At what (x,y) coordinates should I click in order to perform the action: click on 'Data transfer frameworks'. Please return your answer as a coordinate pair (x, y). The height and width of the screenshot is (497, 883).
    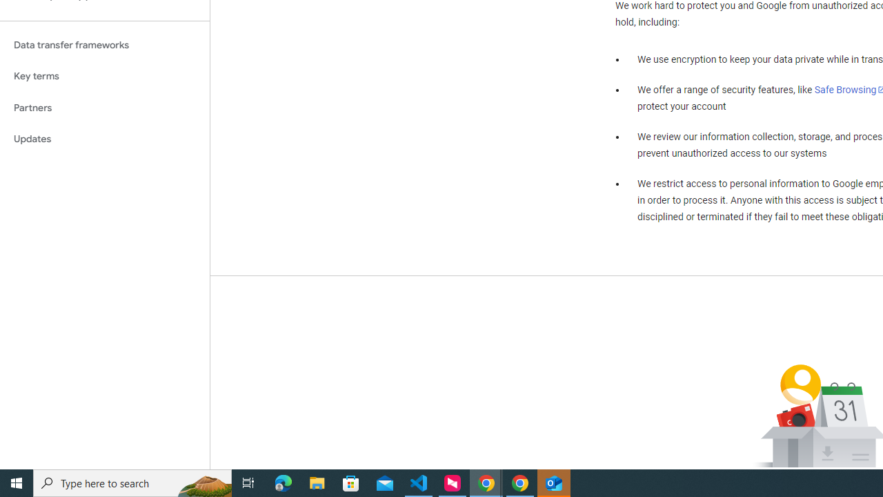
    Looking at the image, I should click on (104, 44).